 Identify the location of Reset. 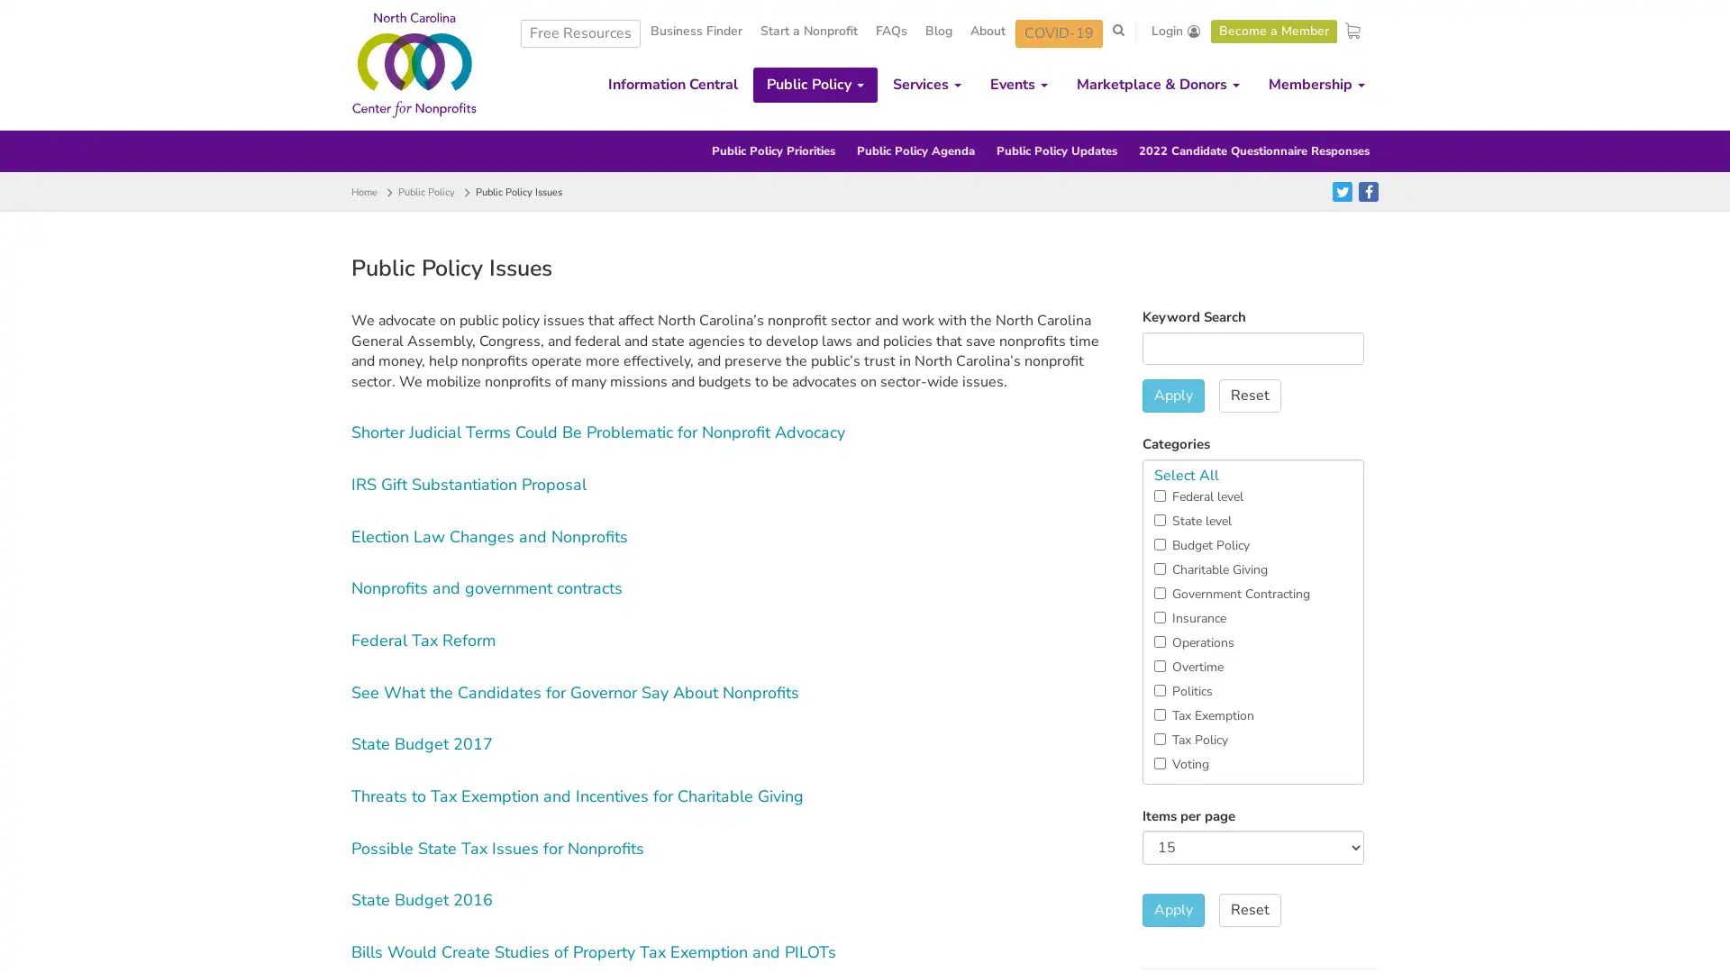
(1248, 395).